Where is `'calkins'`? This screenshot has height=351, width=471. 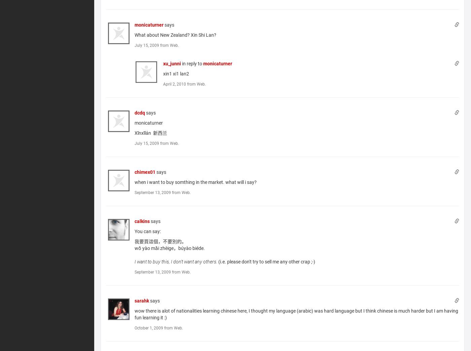
'calkins' is located at coordinates (134, 221).